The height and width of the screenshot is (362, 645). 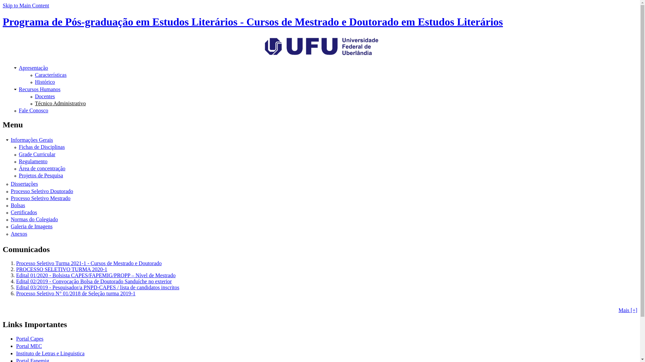 I want to click on 'Anexos', so click(x=11, y=233).